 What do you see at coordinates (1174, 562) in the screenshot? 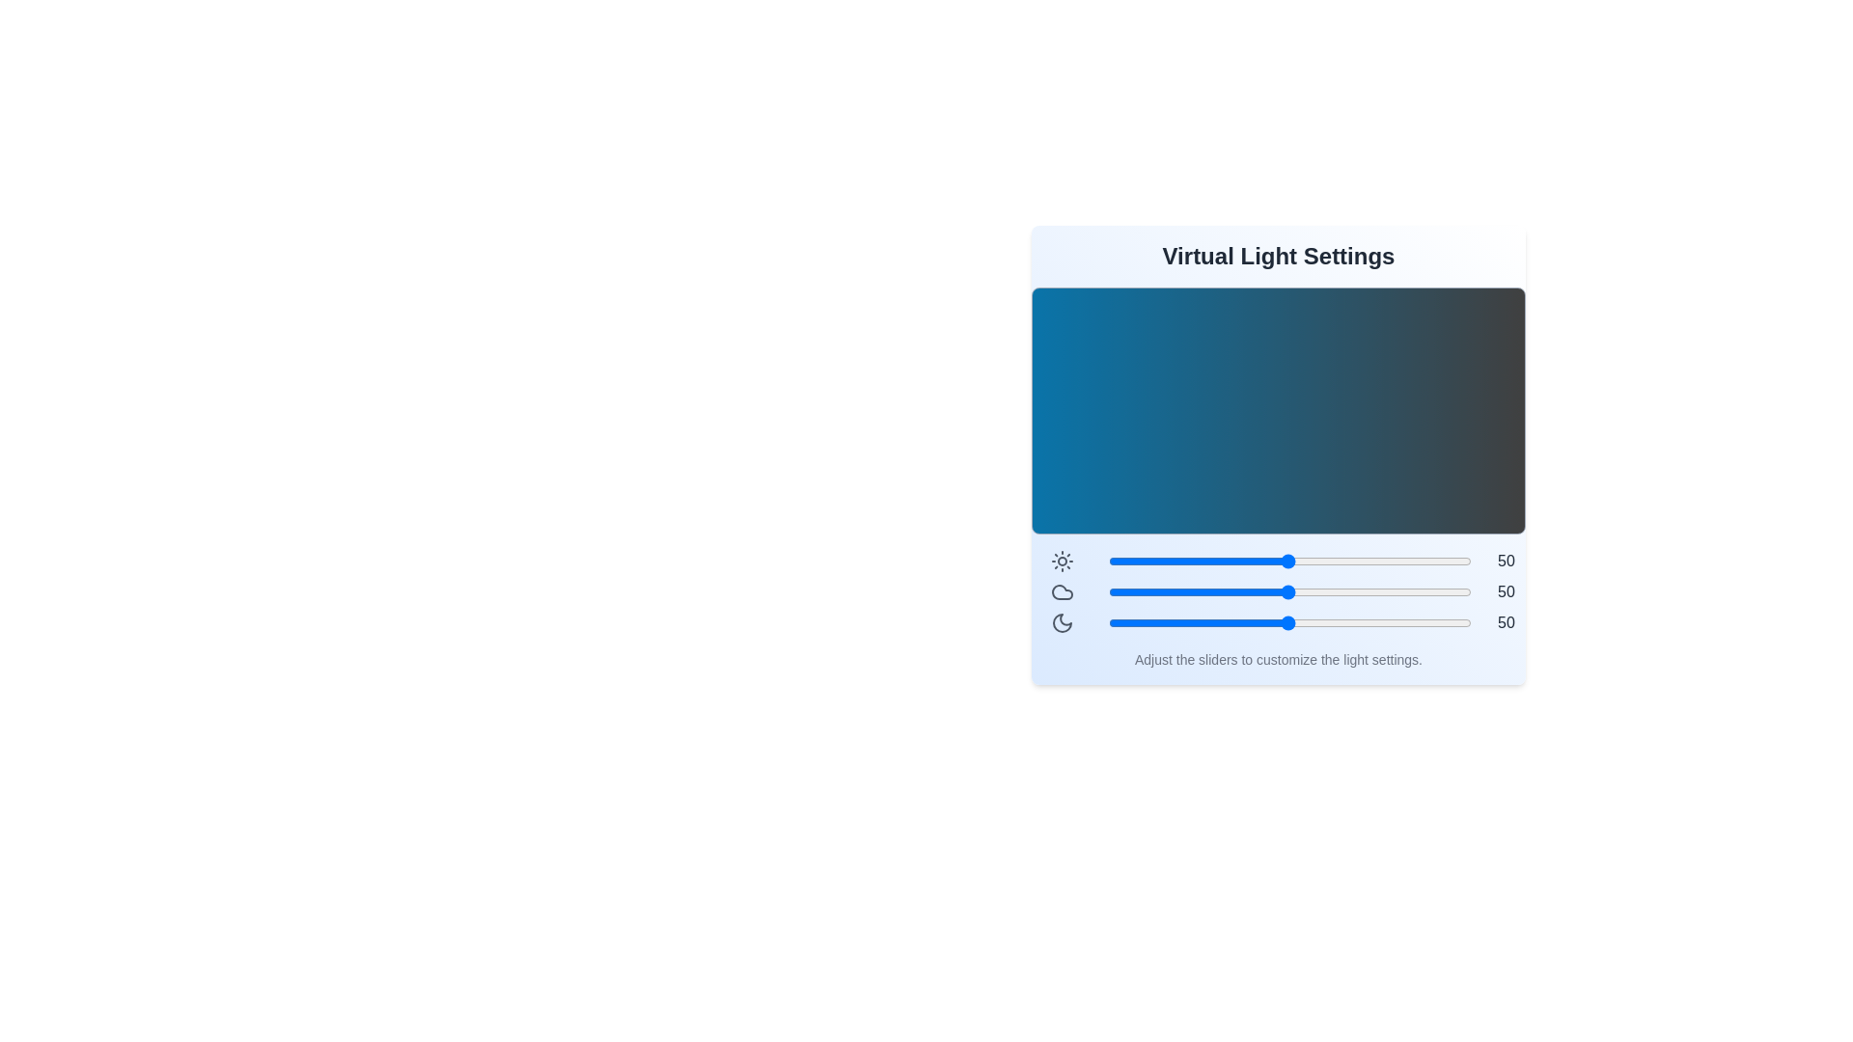
I see `the contrast slider to 19%` at bounding box center [1174, 562].